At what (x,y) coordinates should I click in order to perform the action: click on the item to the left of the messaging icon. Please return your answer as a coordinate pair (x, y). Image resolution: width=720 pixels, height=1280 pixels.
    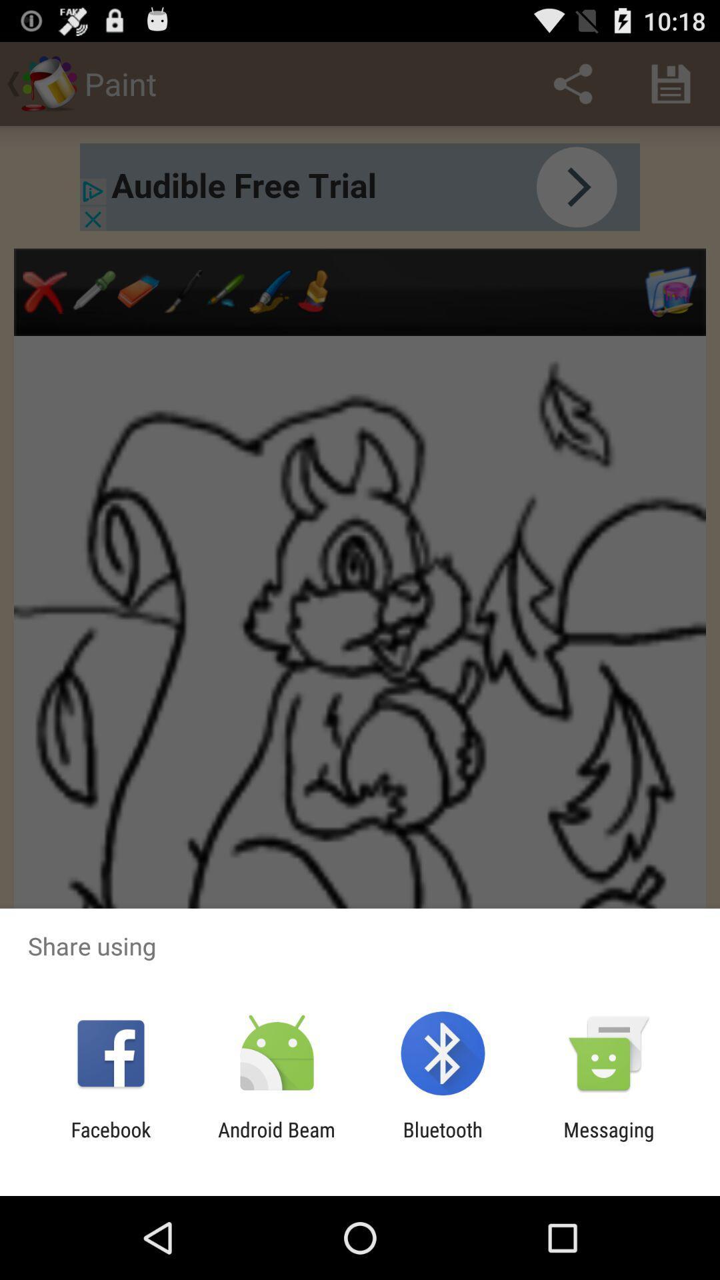
    Looking at the image, I should click on (443, 1141).